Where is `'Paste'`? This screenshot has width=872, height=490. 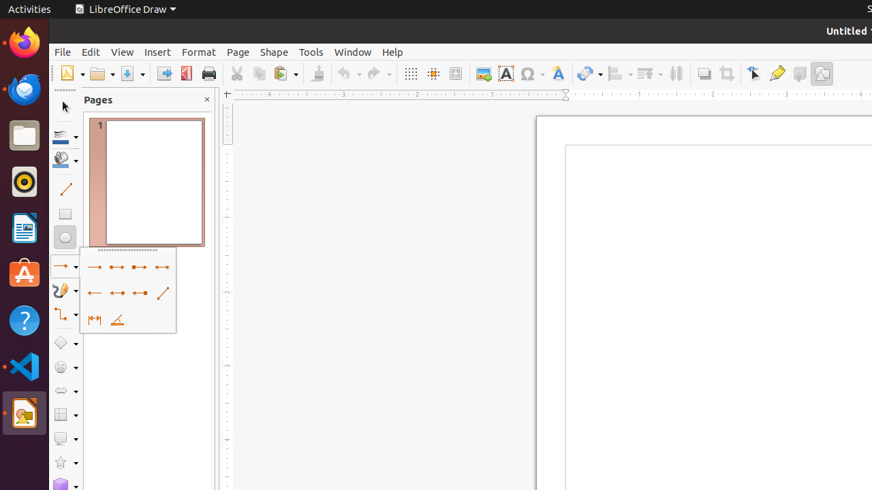
'Paste' is located at coordinates (284, 73).